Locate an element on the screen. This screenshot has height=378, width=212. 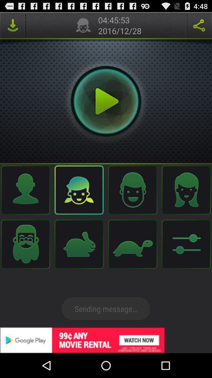
sounds is located at coordinates (106, 101).